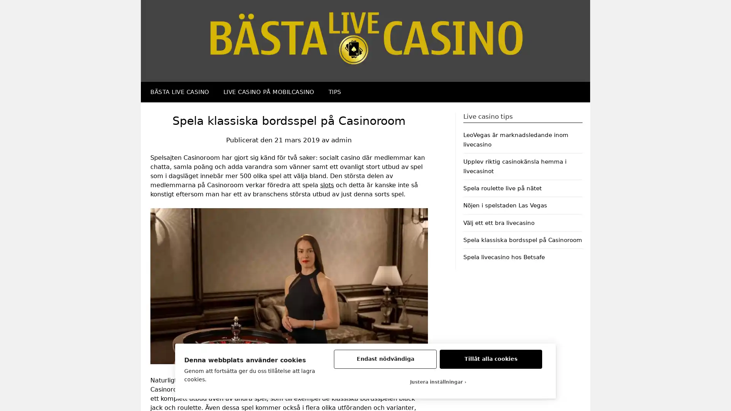  What do you see at coordinates (438, 382) in the screenshot?
I see `Justera installningar` at bounding box center [438, 382].